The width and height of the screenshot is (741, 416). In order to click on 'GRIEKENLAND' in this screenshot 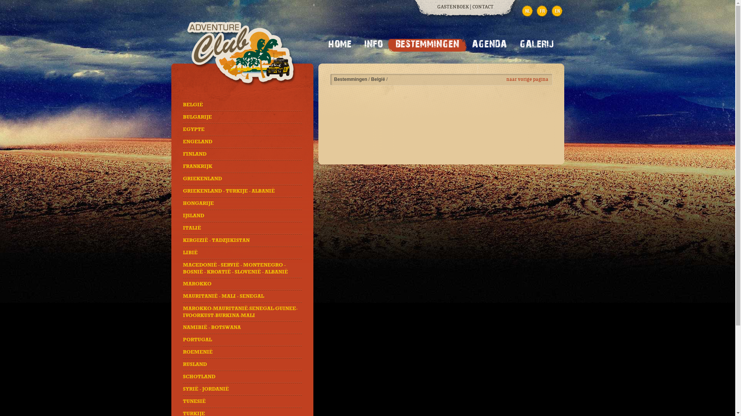, I will do `click(183, 178)`.